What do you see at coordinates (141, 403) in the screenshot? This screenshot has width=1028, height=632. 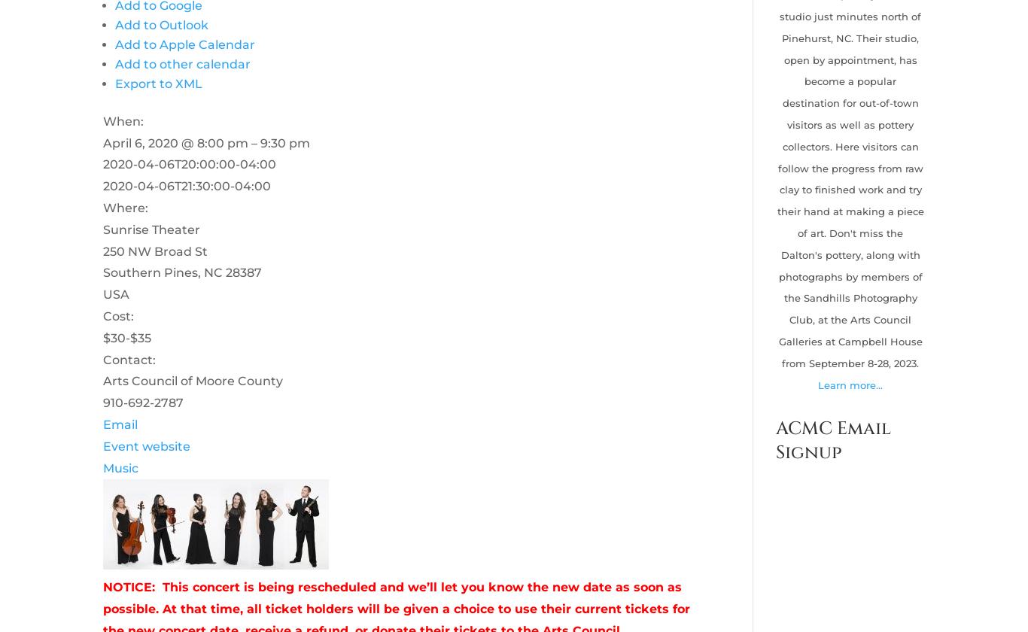 I see `'910-692-2787'` at bounding box center [141, 403].